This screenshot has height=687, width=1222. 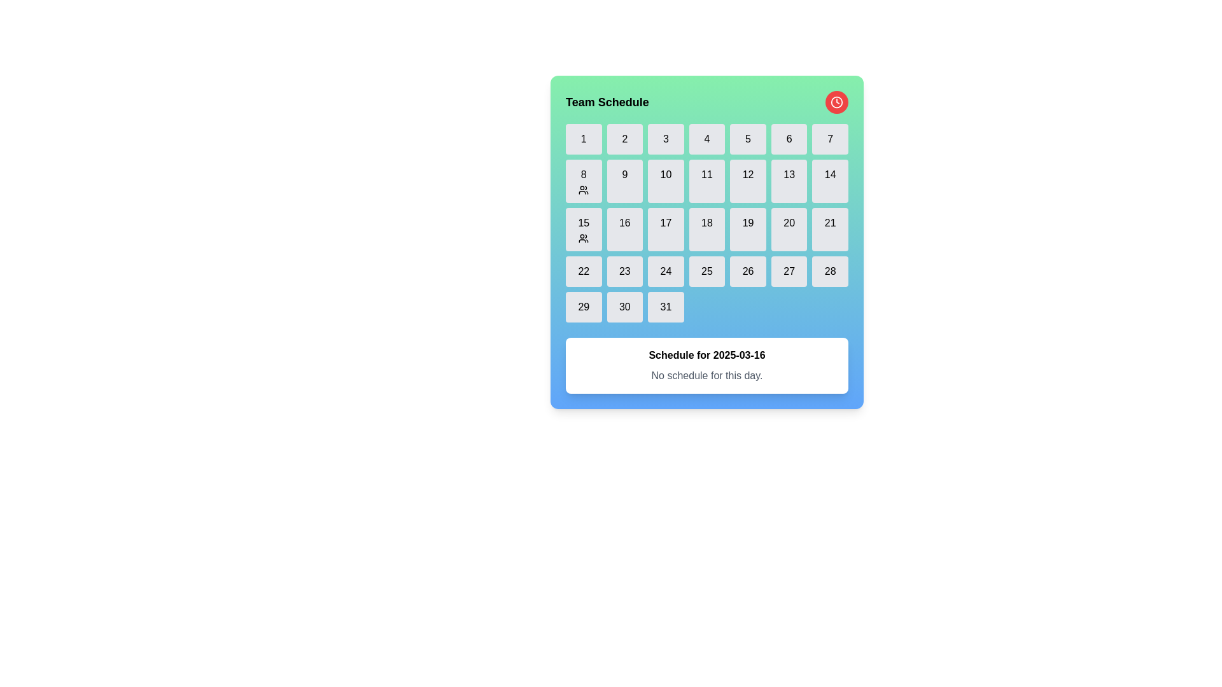 What do you see at coordinates (624, 181) in the screenshot?
I see `the date Grid Cell located in the second row and second column of the calendar UI` at bounding box center [624, 181].